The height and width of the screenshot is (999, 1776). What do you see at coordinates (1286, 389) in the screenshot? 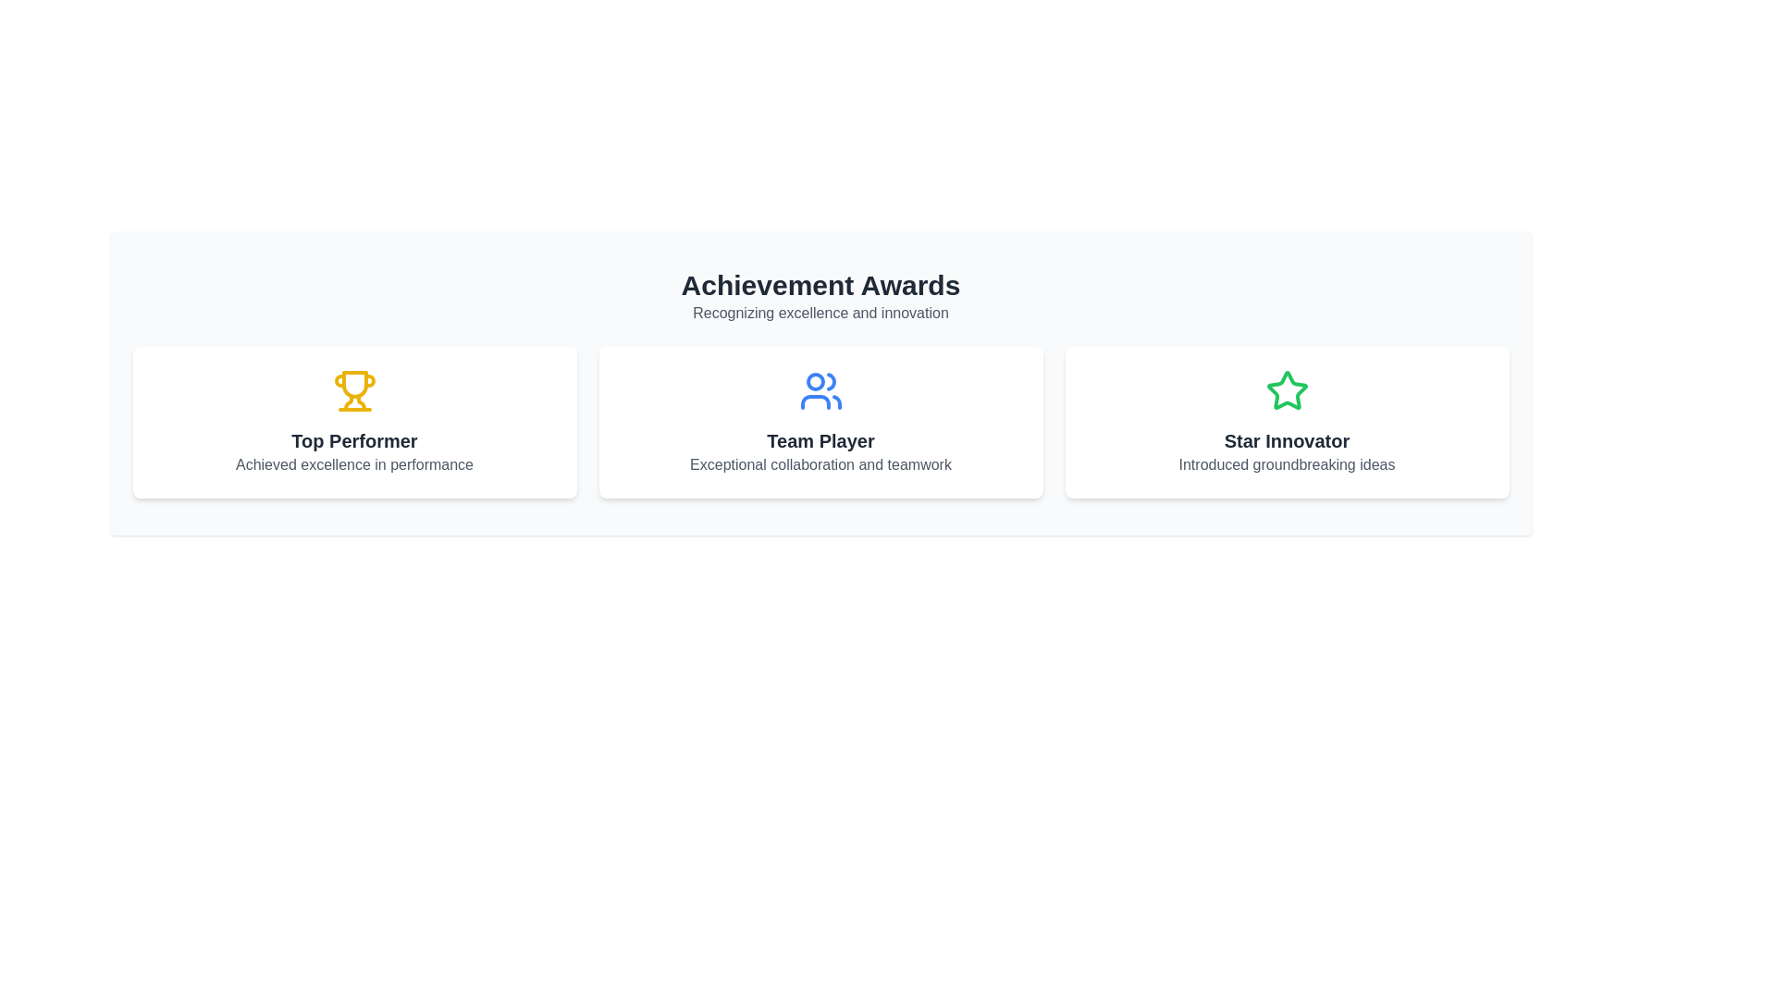
I see `the green outlined star icon within the 'Star Innovator' award card located at the bottom-right of the Achievement Awards section` at bounding box center [1286, 389].